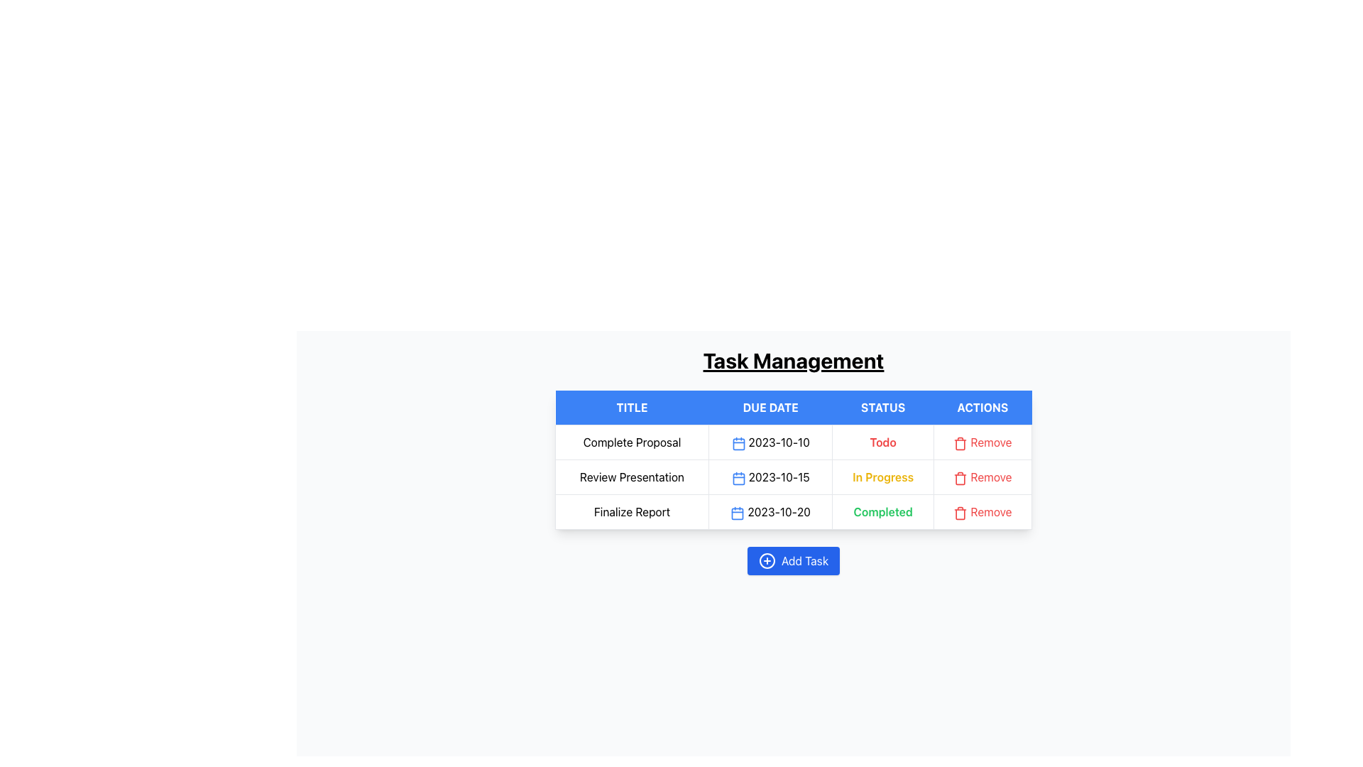 The image size is (1363, 767). I want to click on the information displayed in the Text label located at the top-left cell of the table under the 'Title' column header, so click(631, 442).